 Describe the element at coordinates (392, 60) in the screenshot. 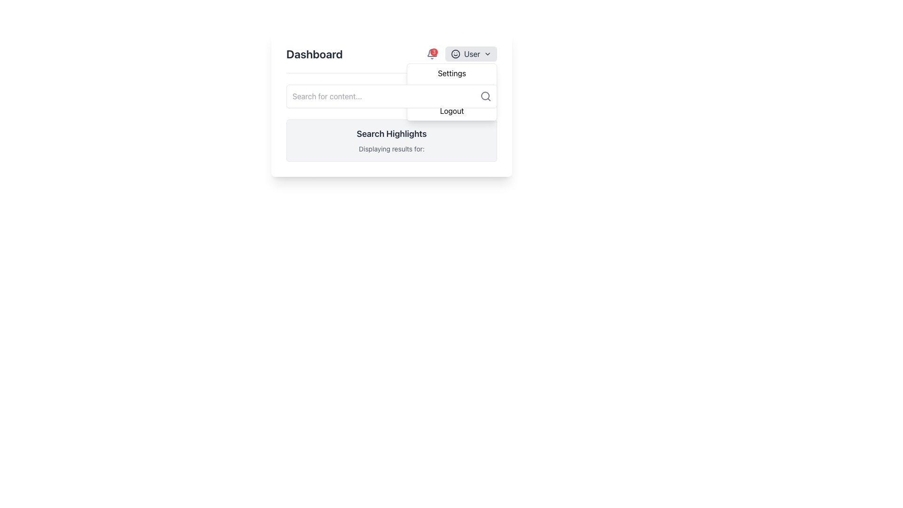

I see `the notification badge located within the navigational and status bar` at that location.